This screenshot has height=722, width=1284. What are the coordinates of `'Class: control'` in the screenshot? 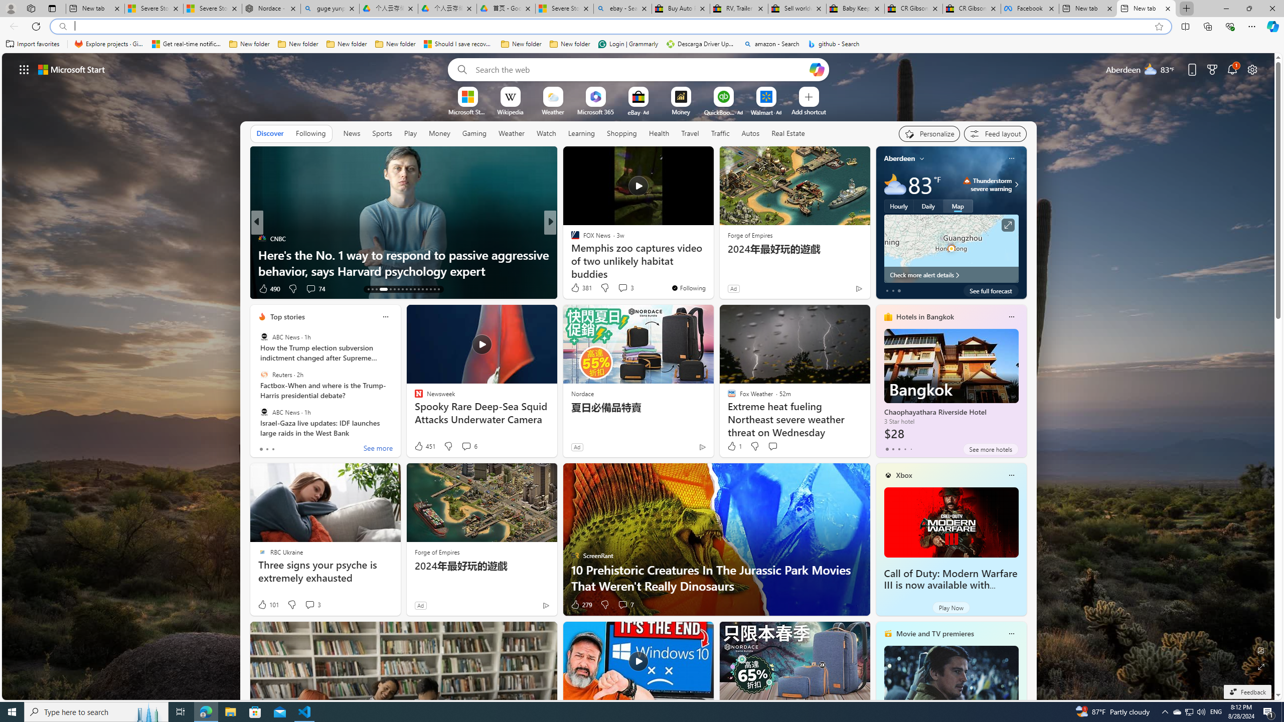 It's located at (24, 69).